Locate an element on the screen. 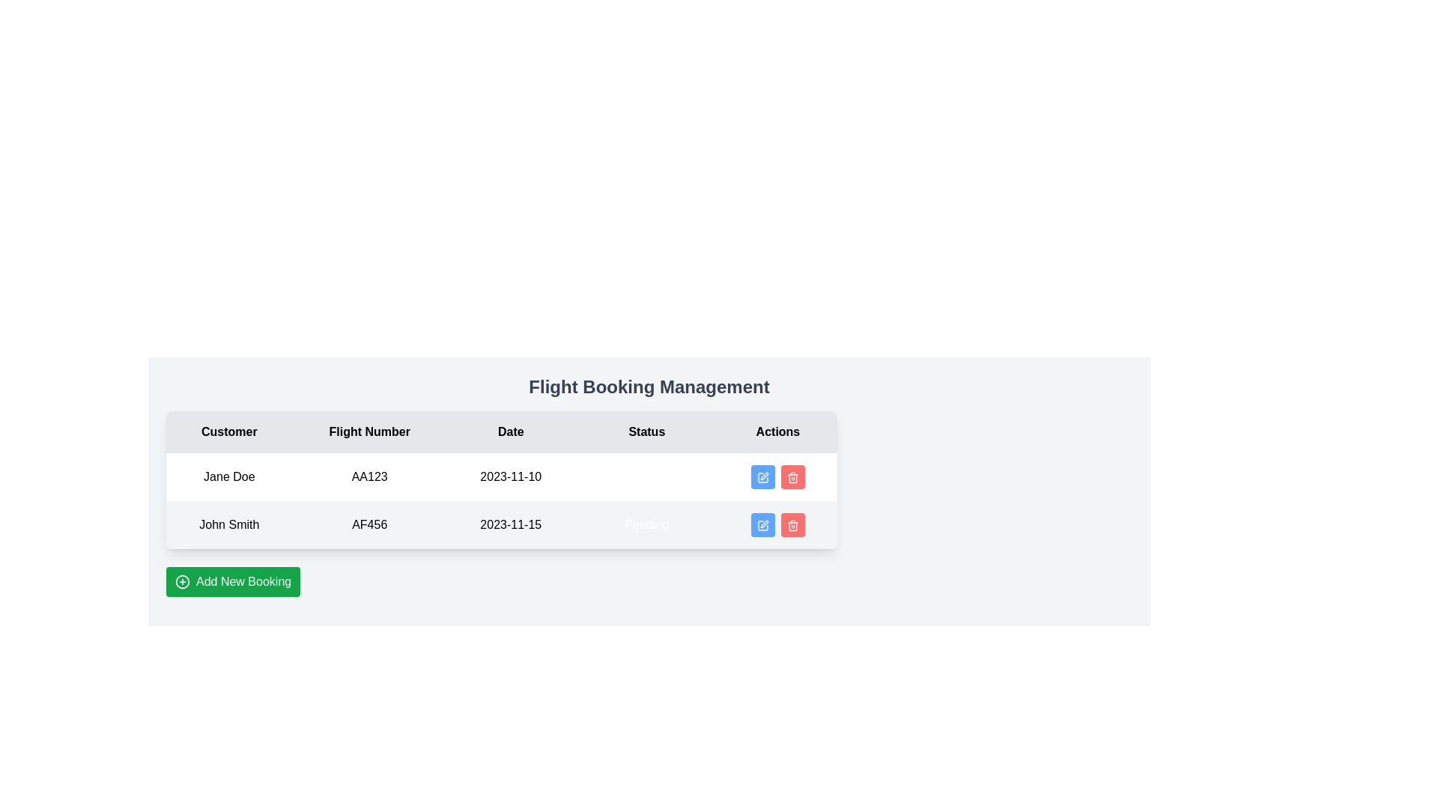  the static text element displaying 'AF456' in the 'Flight Booking Management' table, located in the second row under the 'Flight Number' column is located at coordinates (369, 524).